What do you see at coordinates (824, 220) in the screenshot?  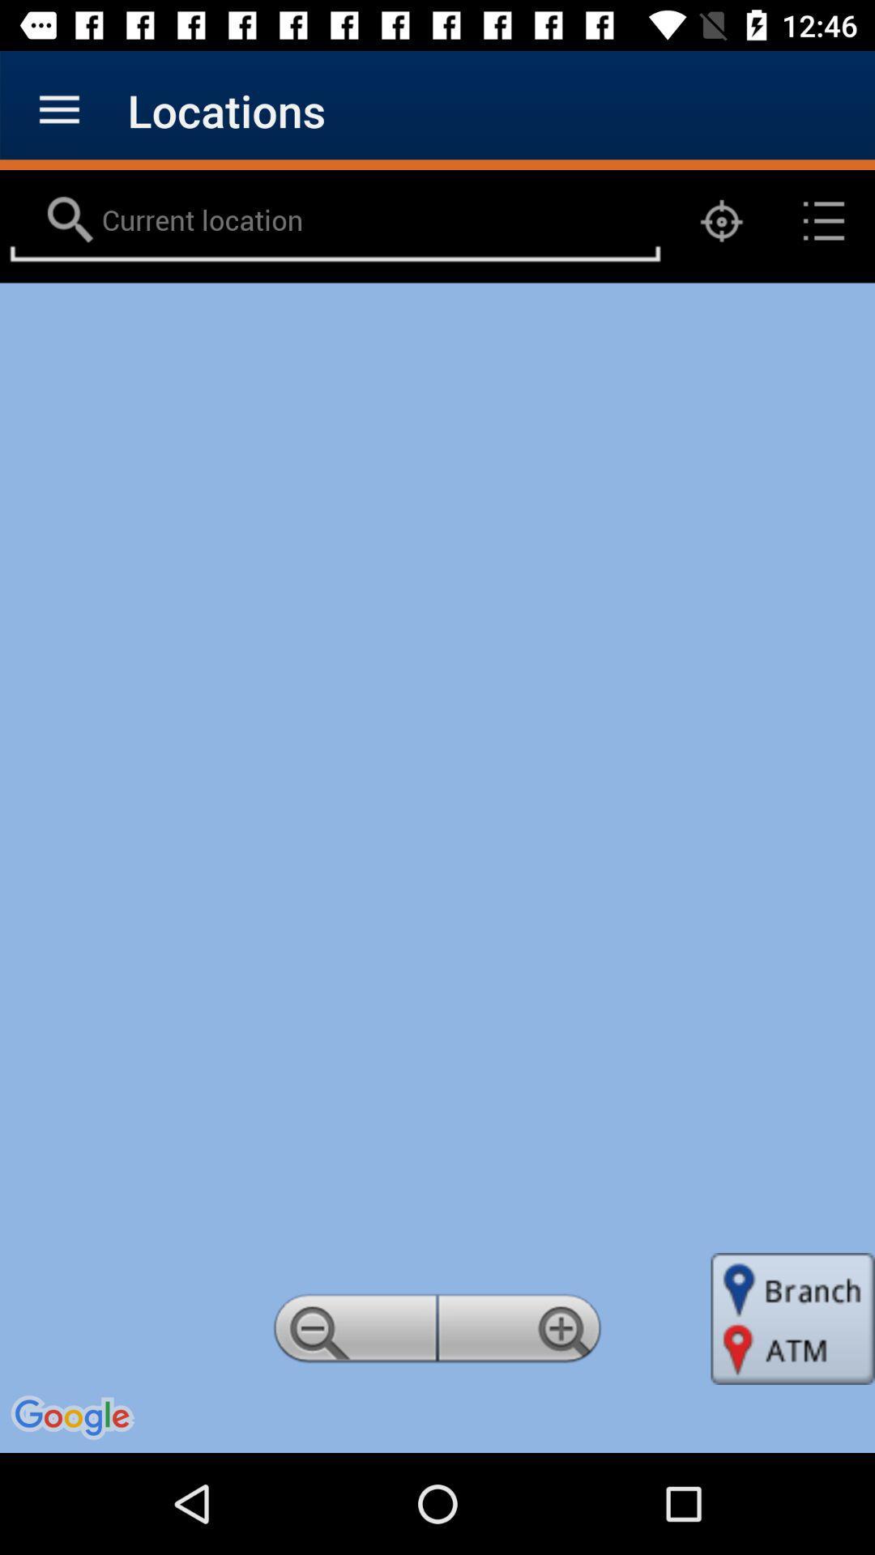 I see `the list icon` at bounding box center [824, 220].